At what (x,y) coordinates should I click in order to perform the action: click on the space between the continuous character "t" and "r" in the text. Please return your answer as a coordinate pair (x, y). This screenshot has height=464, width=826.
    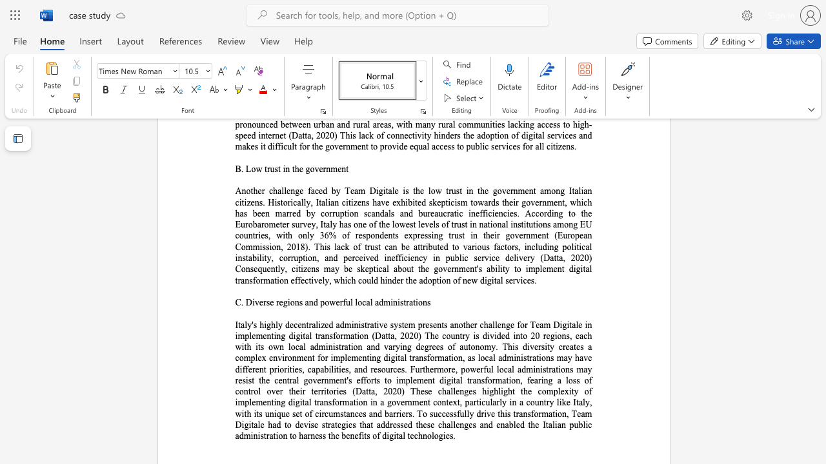
    Looking at the image, I should click on (405, 302).